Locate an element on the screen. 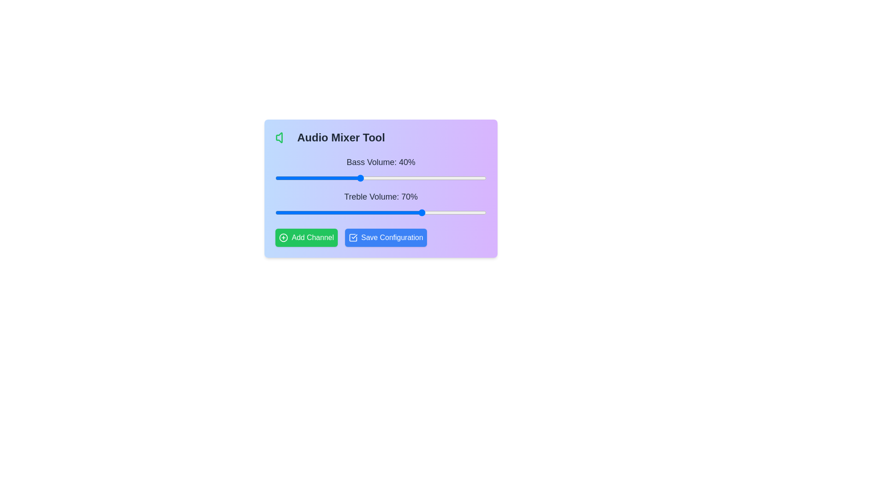 The image size is (874, 491). the decorative circular SVG icon located within the 'Add Channel' button in the lower-left area of the Audio Mixer Tool interface is located at coordinates (283, 237).